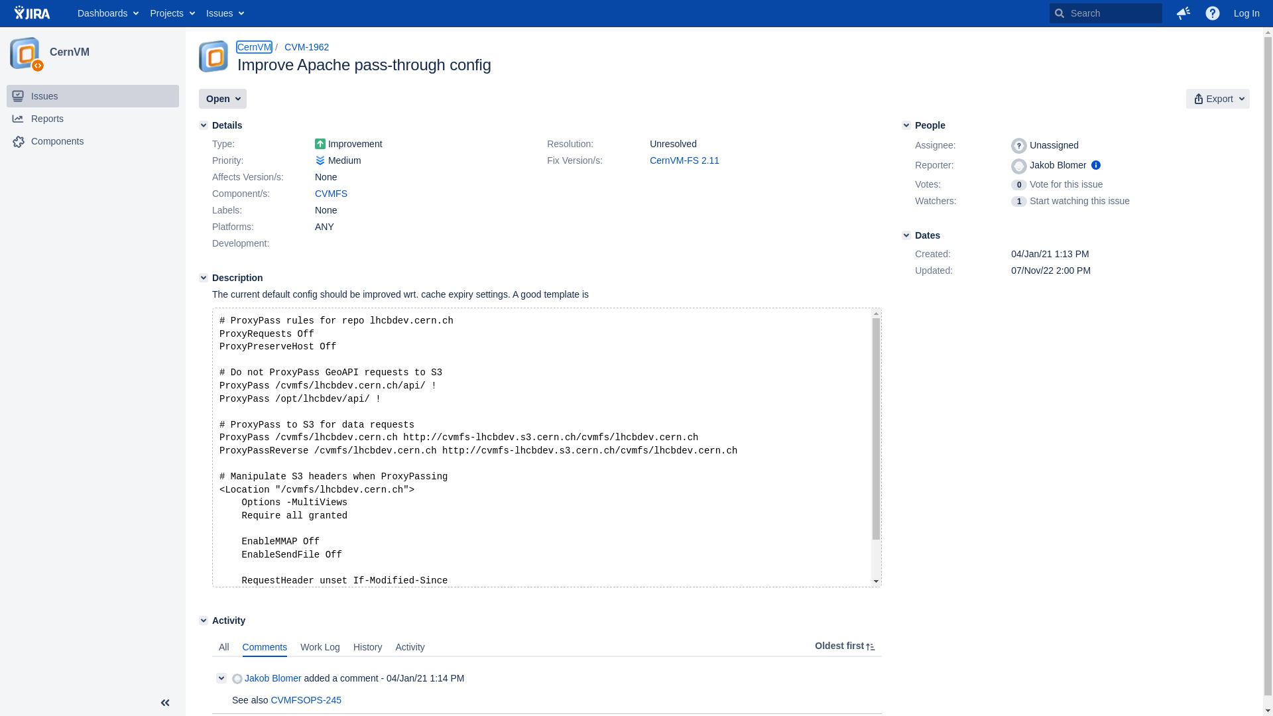 This screenshot has height=716, width=1273. What do you see at coordinates (107, 13) in the screenshot?
I see `'Dashboards'` at bounding box center [107, 13].